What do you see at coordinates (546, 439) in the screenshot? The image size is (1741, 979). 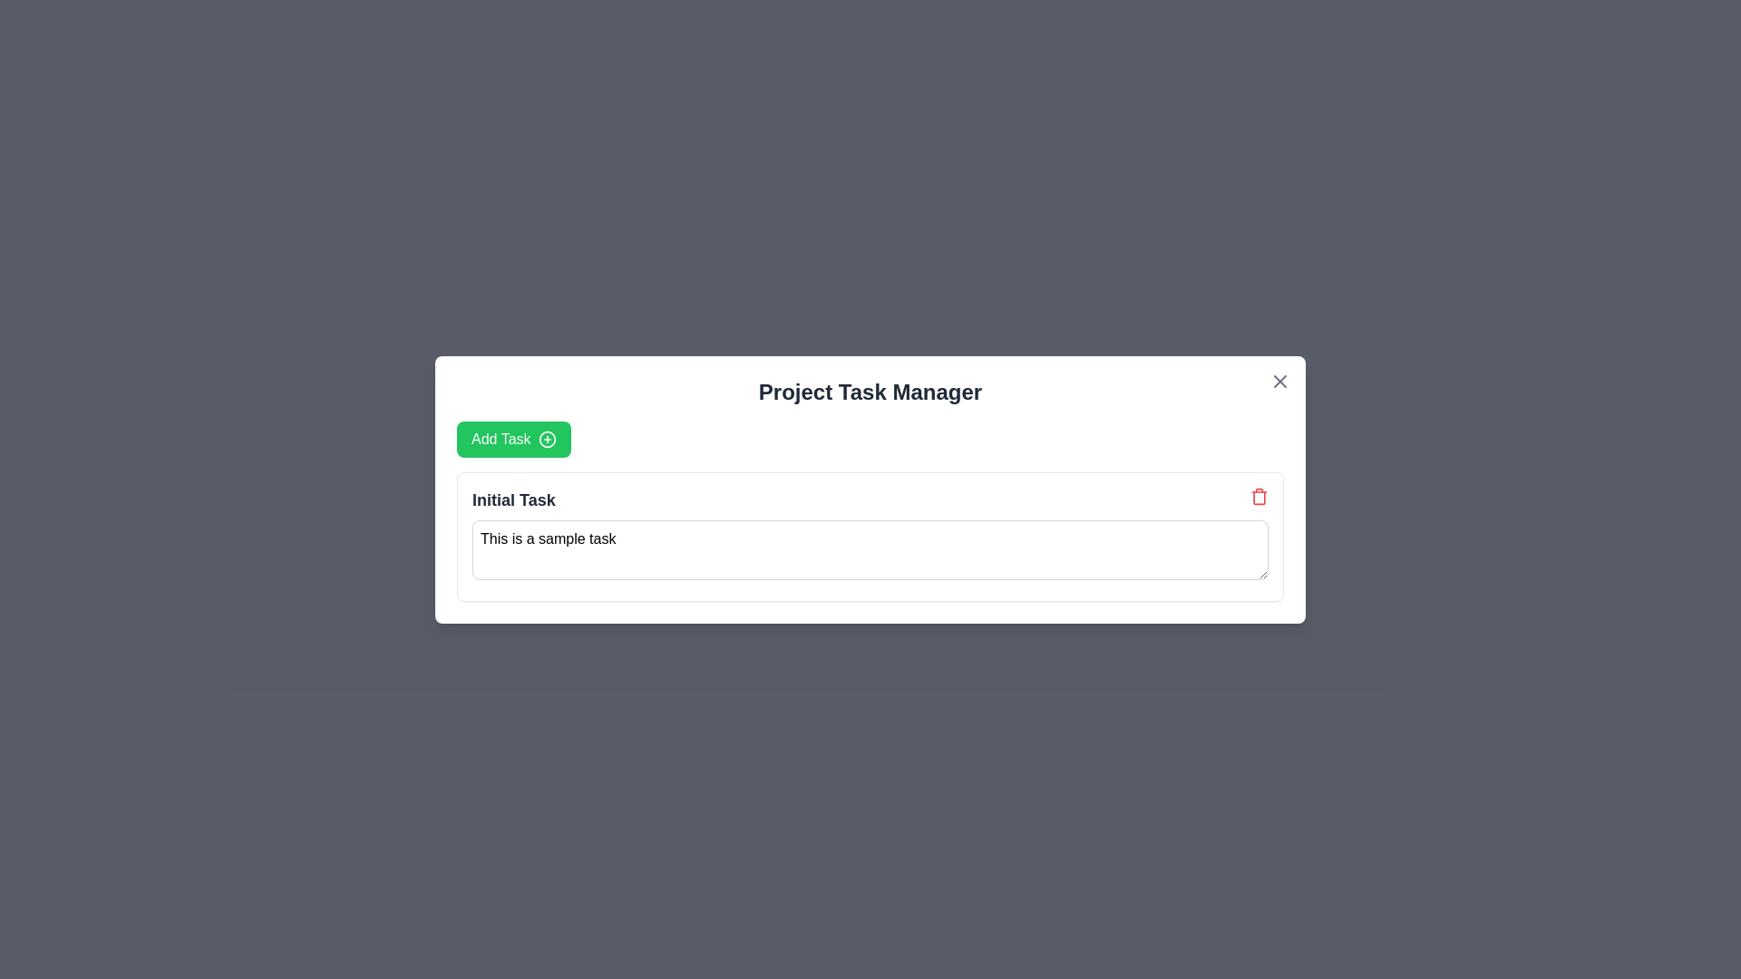 I see `the SVG circle that represents the circular part of the plus icon, located to the right of the 'Add Task' button in the task manager dialog` at bounding box center [546, 439].